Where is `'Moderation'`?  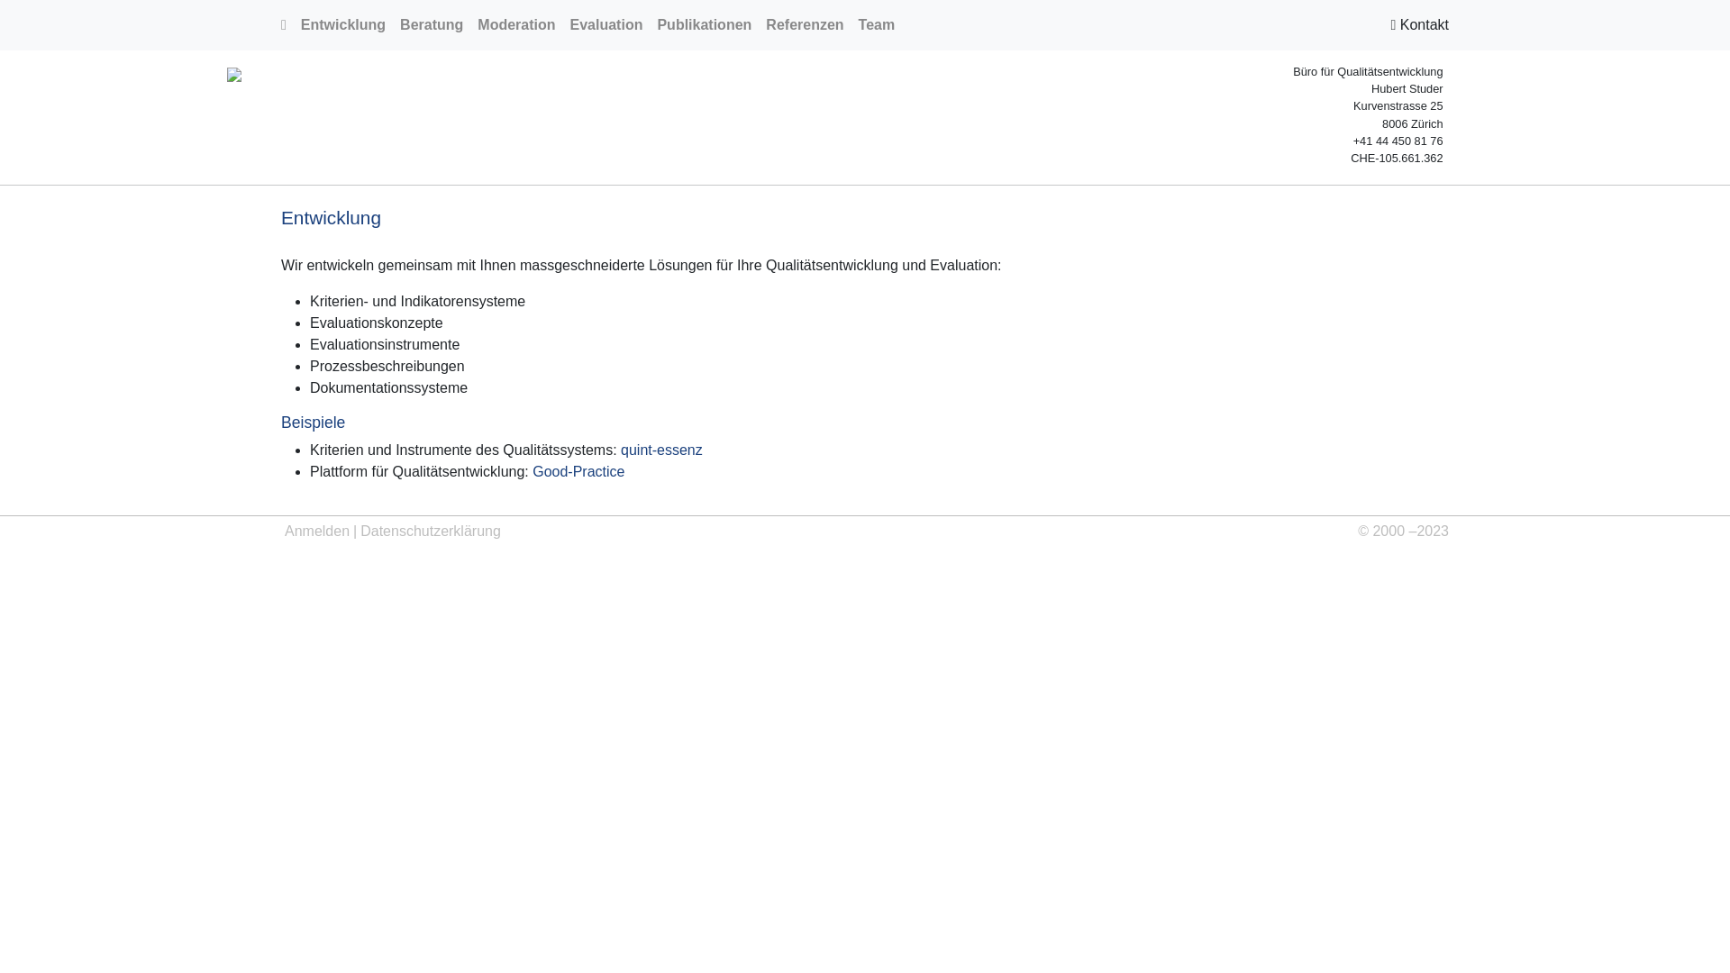
'Moderation' is located at coordinates (470, 24).